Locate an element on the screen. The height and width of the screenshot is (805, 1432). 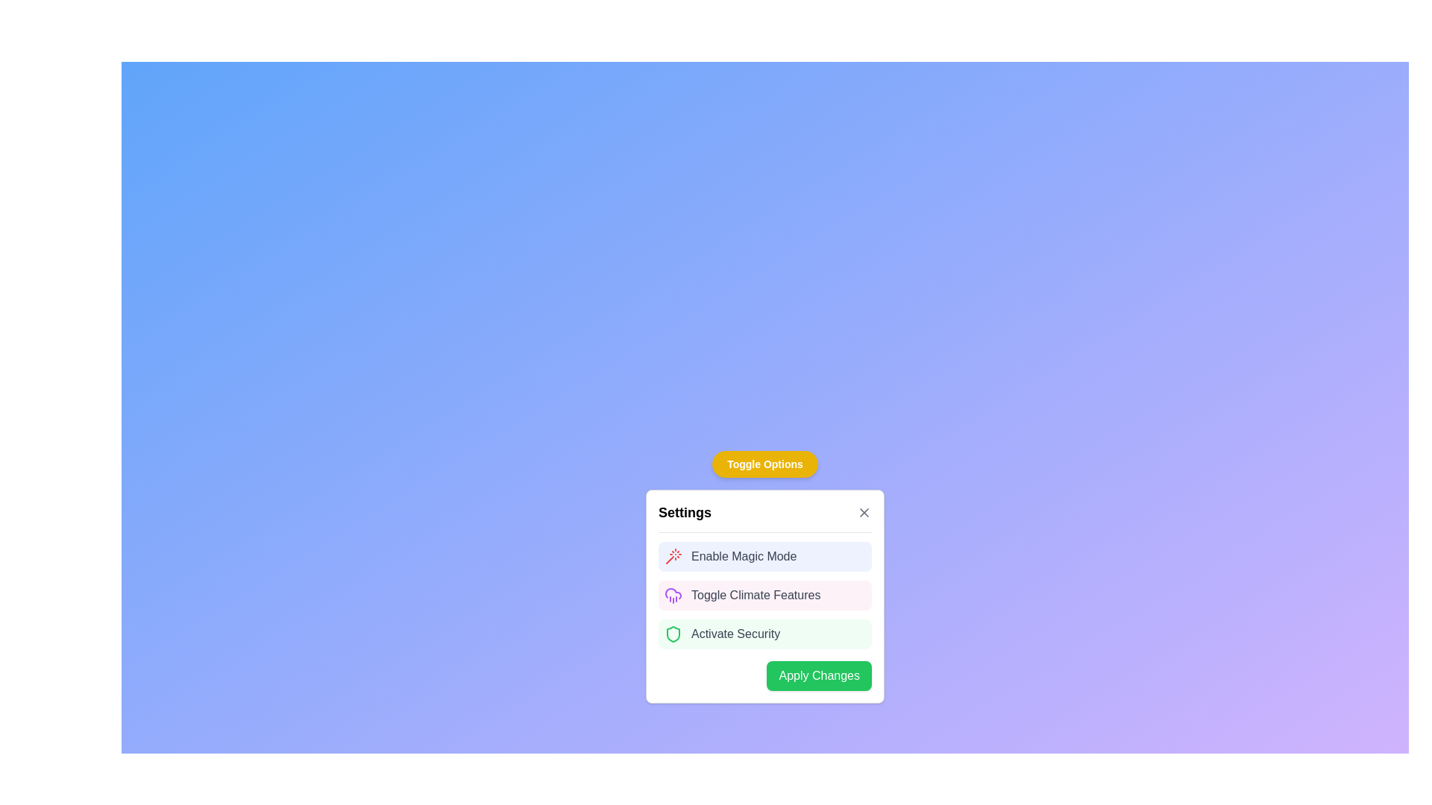
the climate features icon located to the left of the 'Toggle Climate Features' text in the pink-highlighted settings modal is located at coordinates (672, 594).